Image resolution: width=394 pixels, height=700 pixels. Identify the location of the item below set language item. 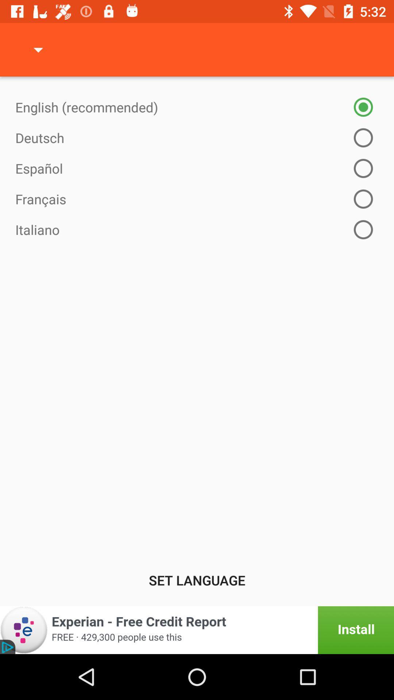
(197, 630).